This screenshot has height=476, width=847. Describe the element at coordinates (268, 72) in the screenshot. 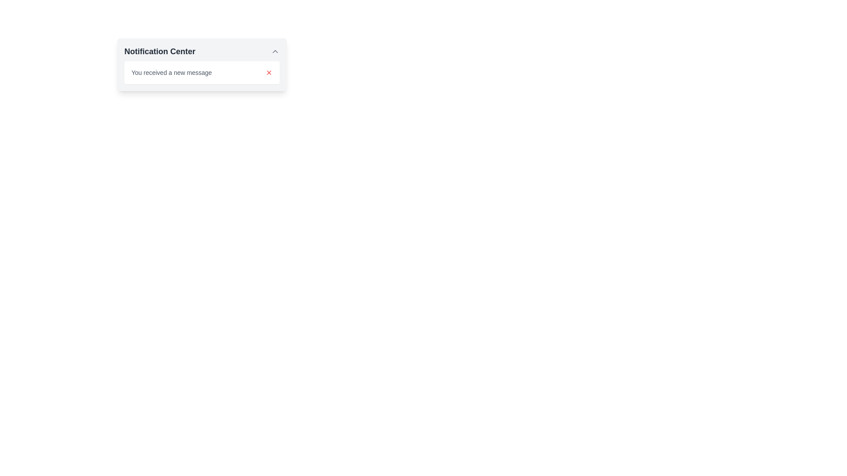

I see `the red close icon represented by an 'X' shape located in the top-right section of the notification panel to trigger the hover effect` at that location.